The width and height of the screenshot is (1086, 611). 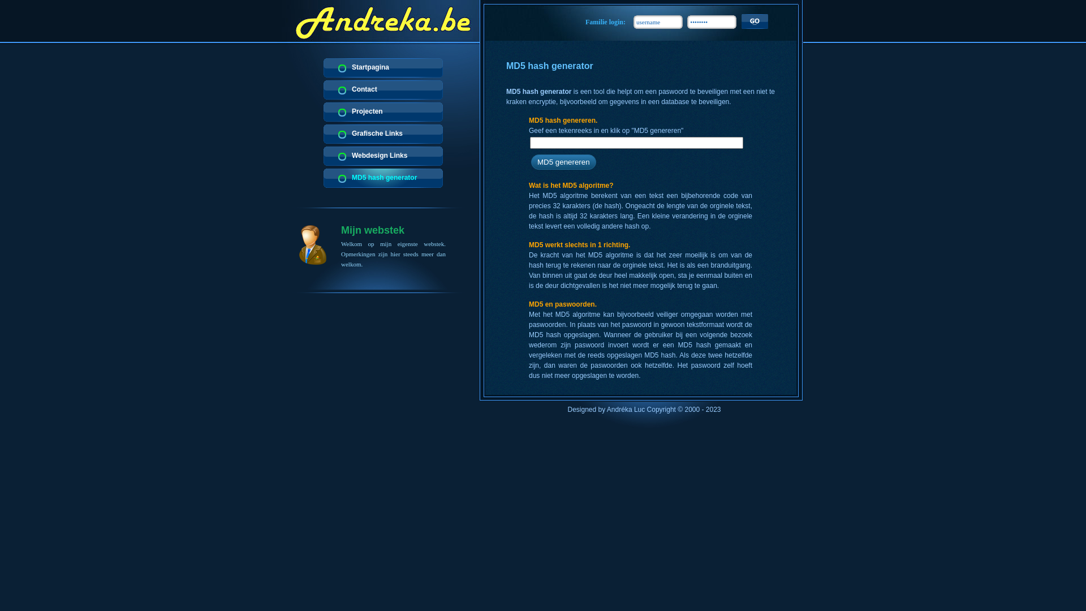 What do you see at coordinates (563, 162) in the screenshot?
I see `'MD5 genereren'` at bounding box center [563, 162].